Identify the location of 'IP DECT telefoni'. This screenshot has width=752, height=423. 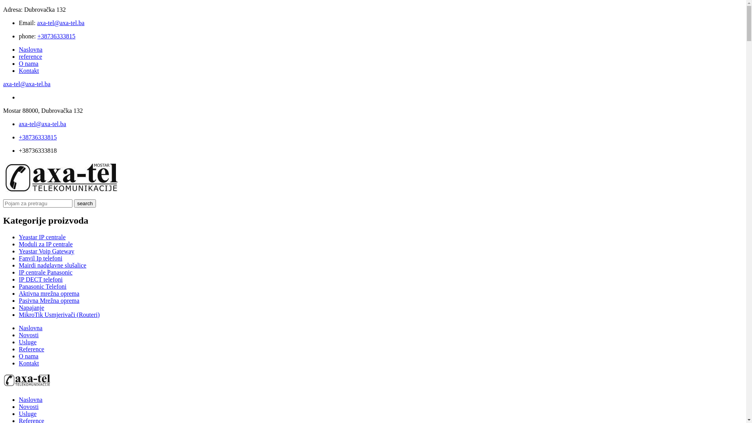
(19, 279).